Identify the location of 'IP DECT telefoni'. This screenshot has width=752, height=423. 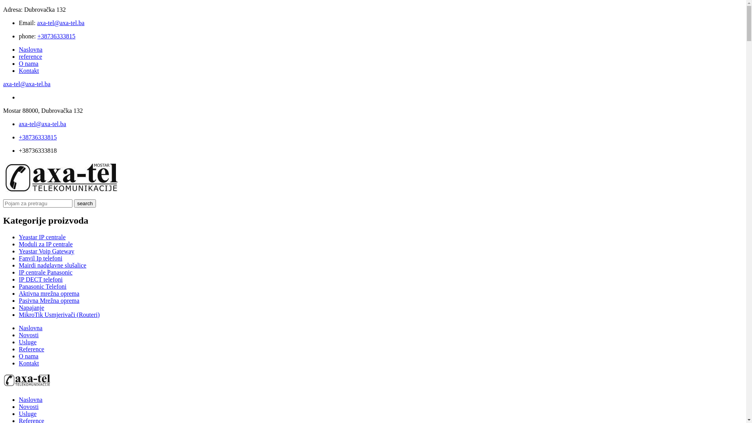
(19, 279).